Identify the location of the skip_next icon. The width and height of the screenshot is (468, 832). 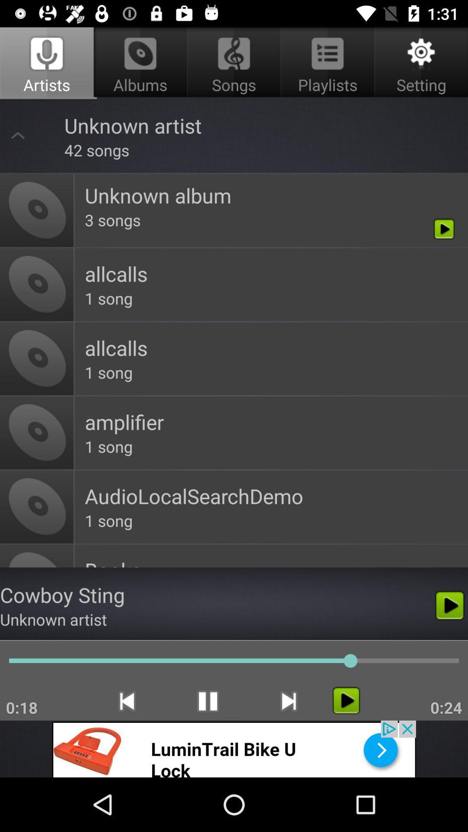
(289, 701).